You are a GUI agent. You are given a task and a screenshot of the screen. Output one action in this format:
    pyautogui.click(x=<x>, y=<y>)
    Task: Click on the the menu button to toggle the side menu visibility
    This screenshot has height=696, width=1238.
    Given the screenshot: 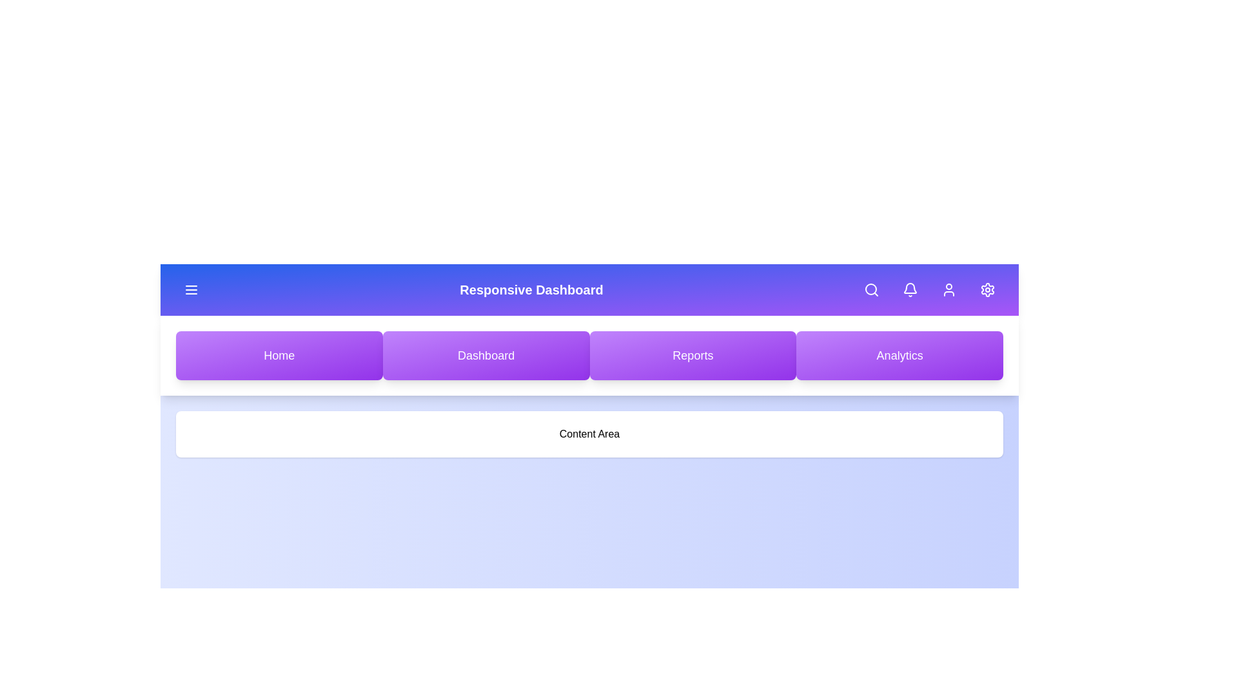 What is the action you would take?
    pyautogui.click(x=191, y=290)
    